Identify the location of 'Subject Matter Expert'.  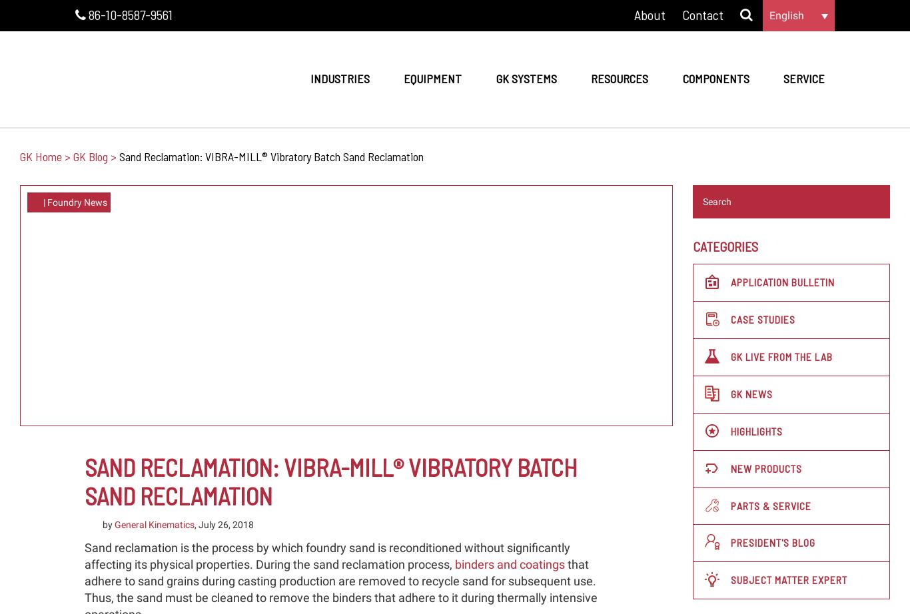
(788, 579).